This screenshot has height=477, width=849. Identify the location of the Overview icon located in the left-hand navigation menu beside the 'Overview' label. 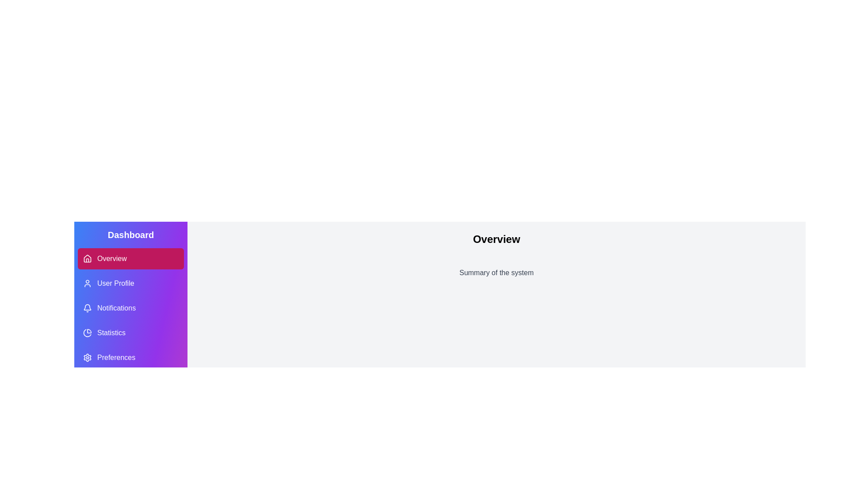
(87, 258).